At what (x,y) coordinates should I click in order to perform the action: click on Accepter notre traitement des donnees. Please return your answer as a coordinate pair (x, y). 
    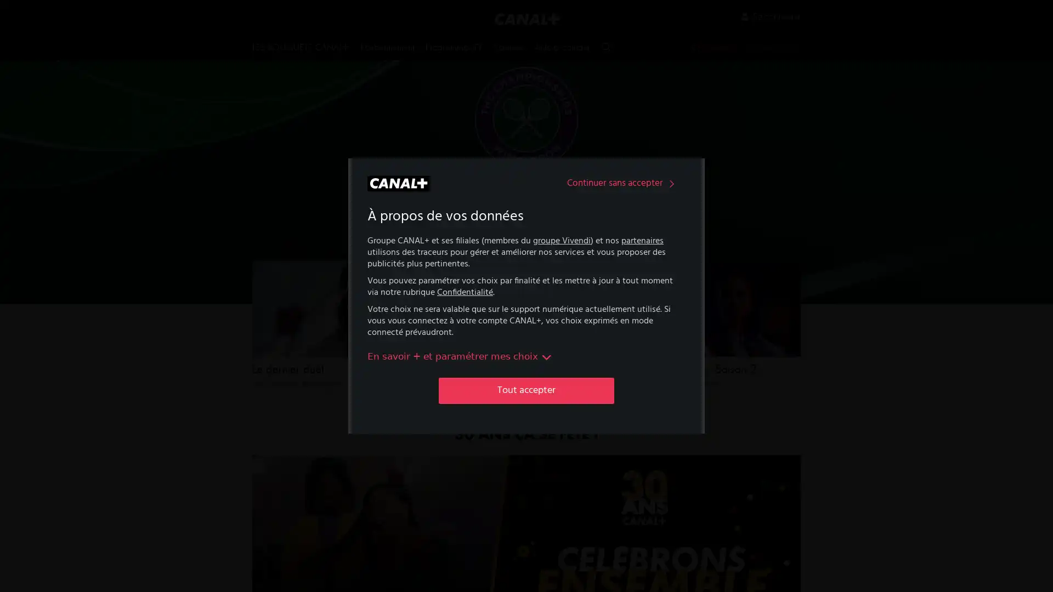
    Looking at the image, I should click on (526, 390).